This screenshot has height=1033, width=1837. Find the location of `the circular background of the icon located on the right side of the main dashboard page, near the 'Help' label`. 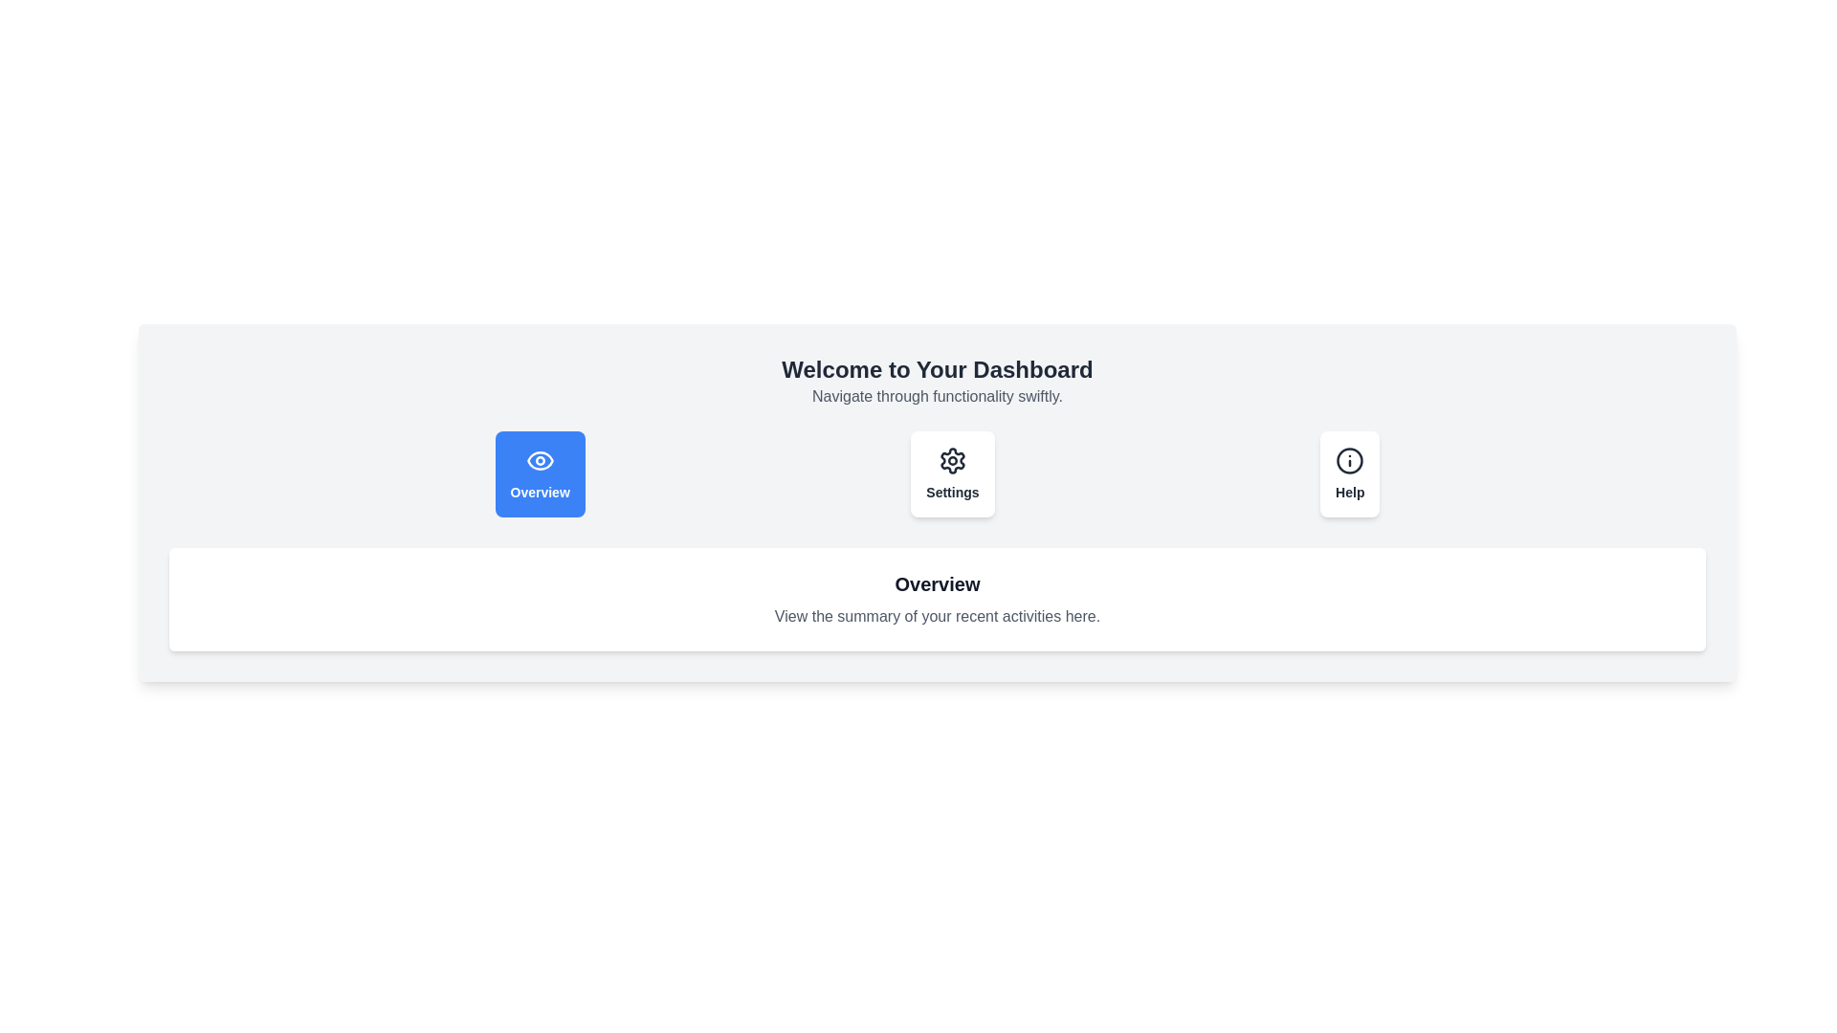

the circular background of the icon located on the right side of the main dashboard page, near the 'Help' label is located at coordinates (1349, 461).